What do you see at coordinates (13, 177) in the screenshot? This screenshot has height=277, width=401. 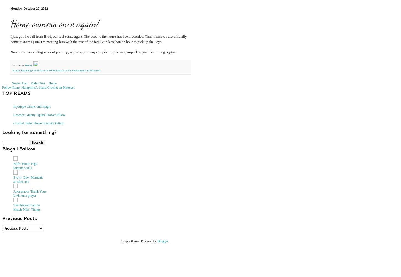 I see `'Every- Day- Moments'` at bounding box center [13, 177].